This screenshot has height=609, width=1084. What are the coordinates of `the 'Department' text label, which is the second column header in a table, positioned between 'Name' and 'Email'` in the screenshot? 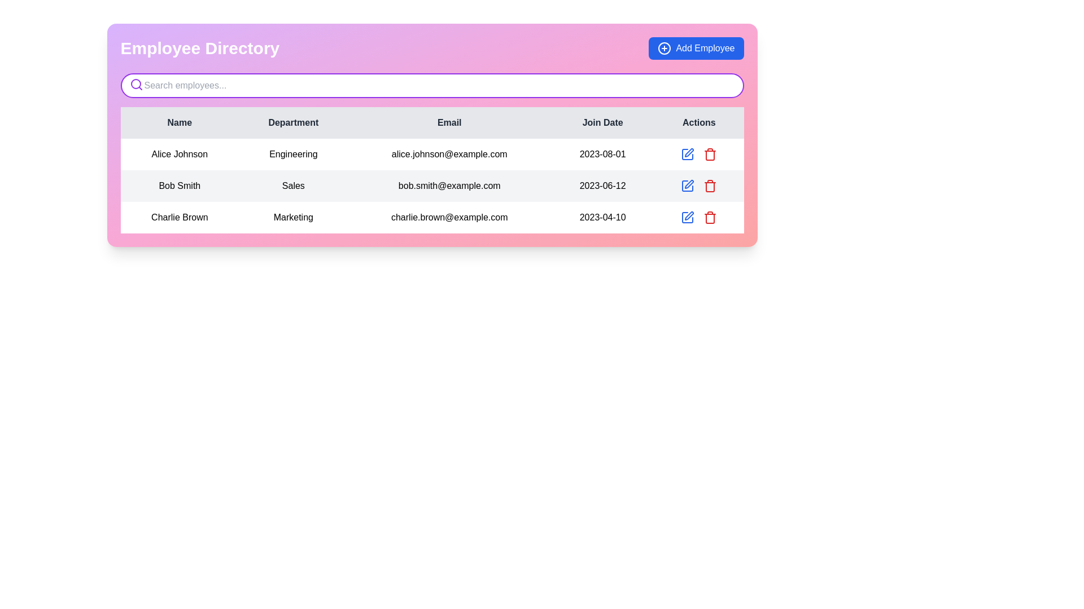 It's located at (293, 123).